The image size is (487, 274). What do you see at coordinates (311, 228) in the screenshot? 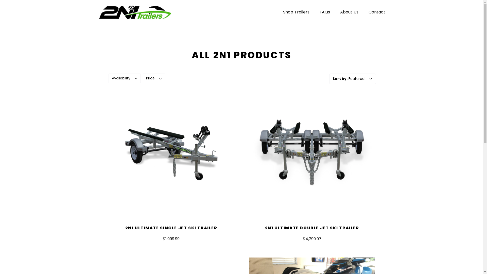
I see `'2N1 ULTIMATE DOUBLE JET SKI TRAILER'` at bounding box center [311, 228].